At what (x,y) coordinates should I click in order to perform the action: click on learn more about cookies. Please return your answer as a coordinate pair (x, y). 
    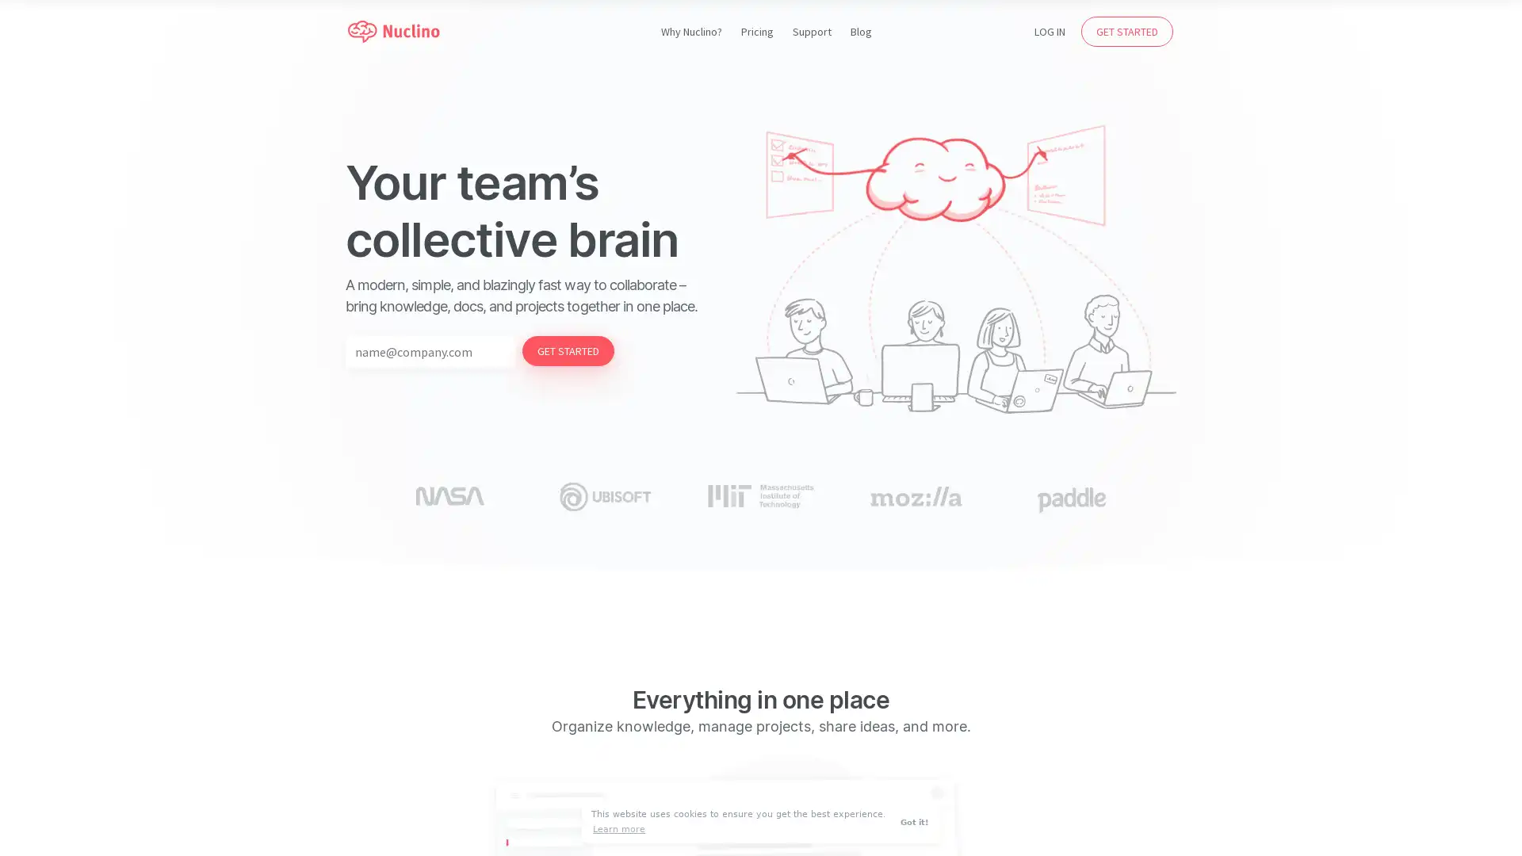
    Looking at the image, I should click on (618, 828).